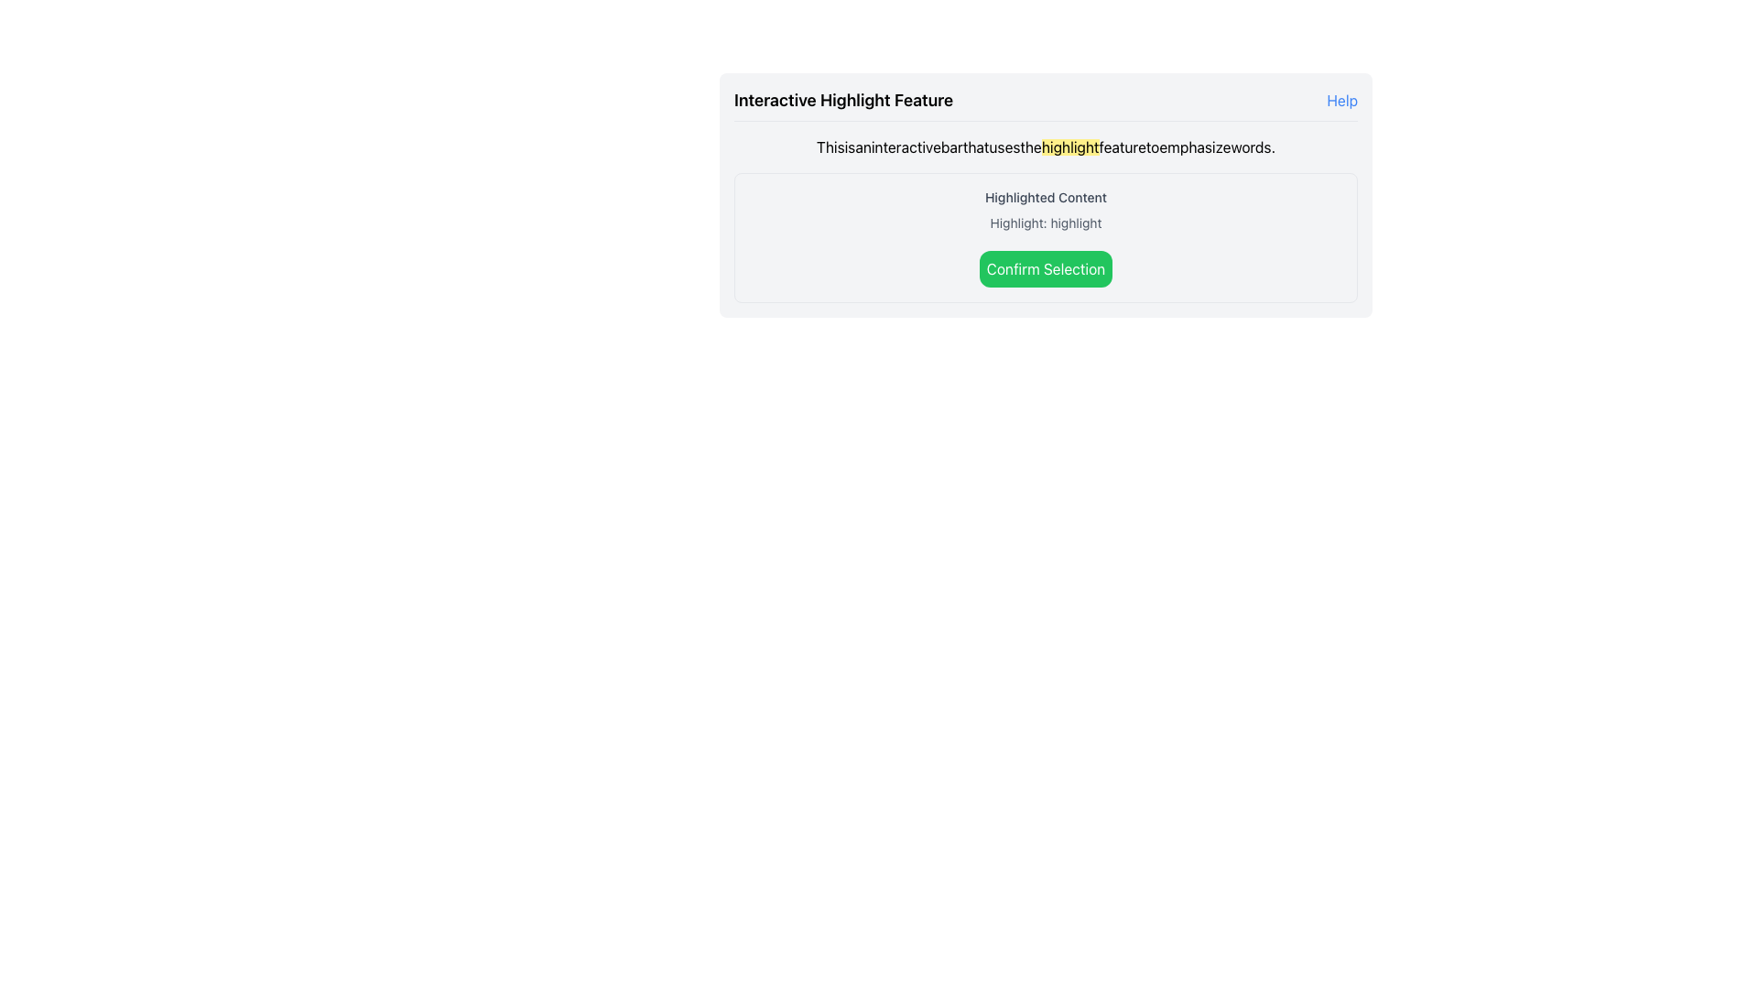 Image resolution: width=1758 pixels, height=989 pixels. What do you see at coordinates (863, 147) in the screenshot?
I see `the text element 'an' which is the third word in the sentence 'This is an interactive bar that uses the highlight feature to emphasize words.'` at bounding box center [863, 147].